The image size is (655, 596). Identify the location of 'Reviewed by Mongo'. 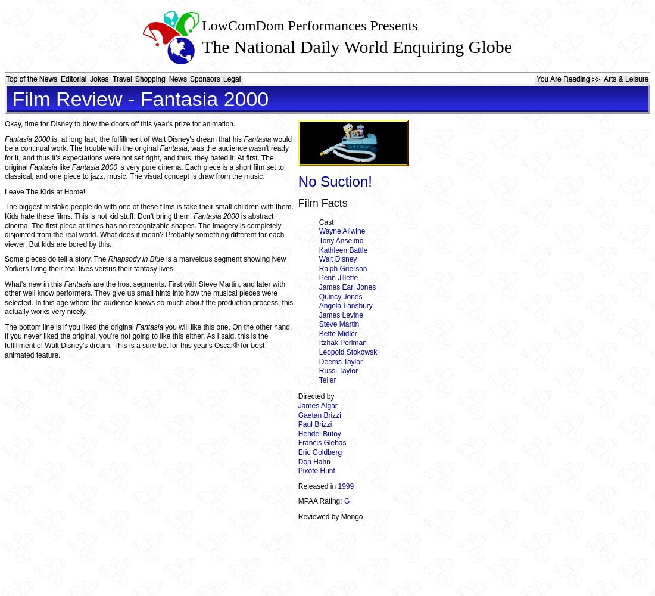
(329, 516).